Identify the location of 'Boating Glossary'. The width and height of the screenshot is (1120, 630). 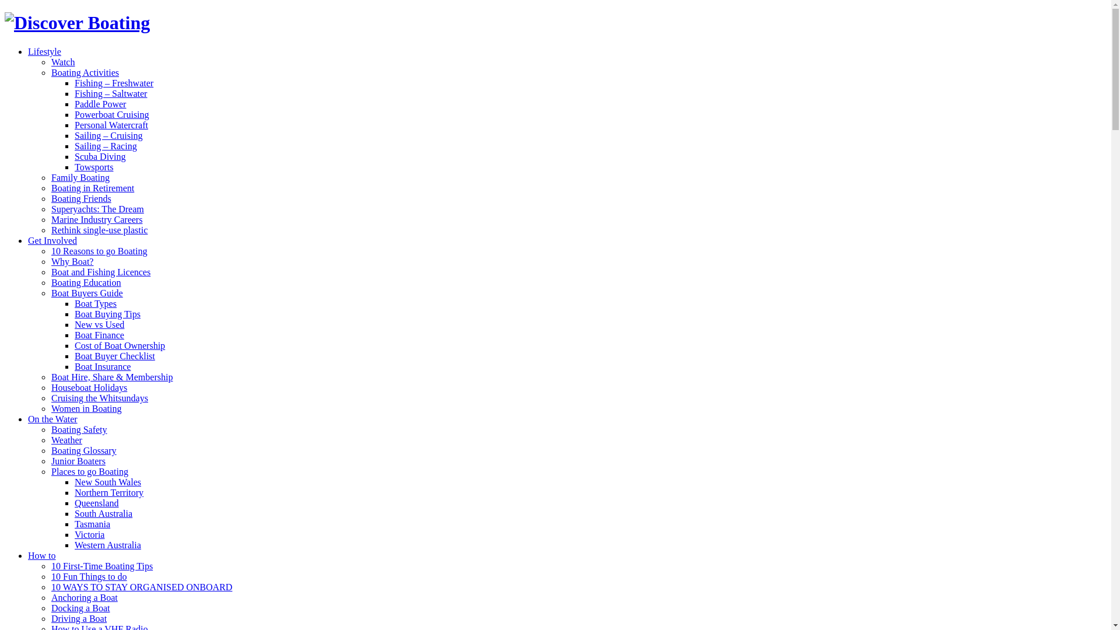
(83, 450).